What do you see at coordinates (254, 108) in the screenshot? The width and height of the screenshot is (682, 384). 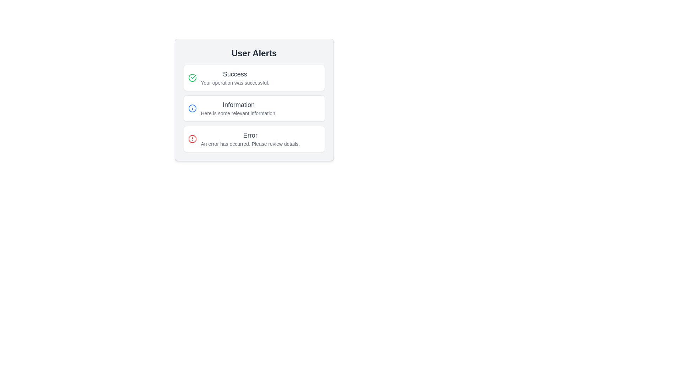 I see `information displayed in the second alert box, which is positioned between the 'Success' alert and the 'Error' alert in the vertical list of alert boxes` at bounding box center [254, 108].